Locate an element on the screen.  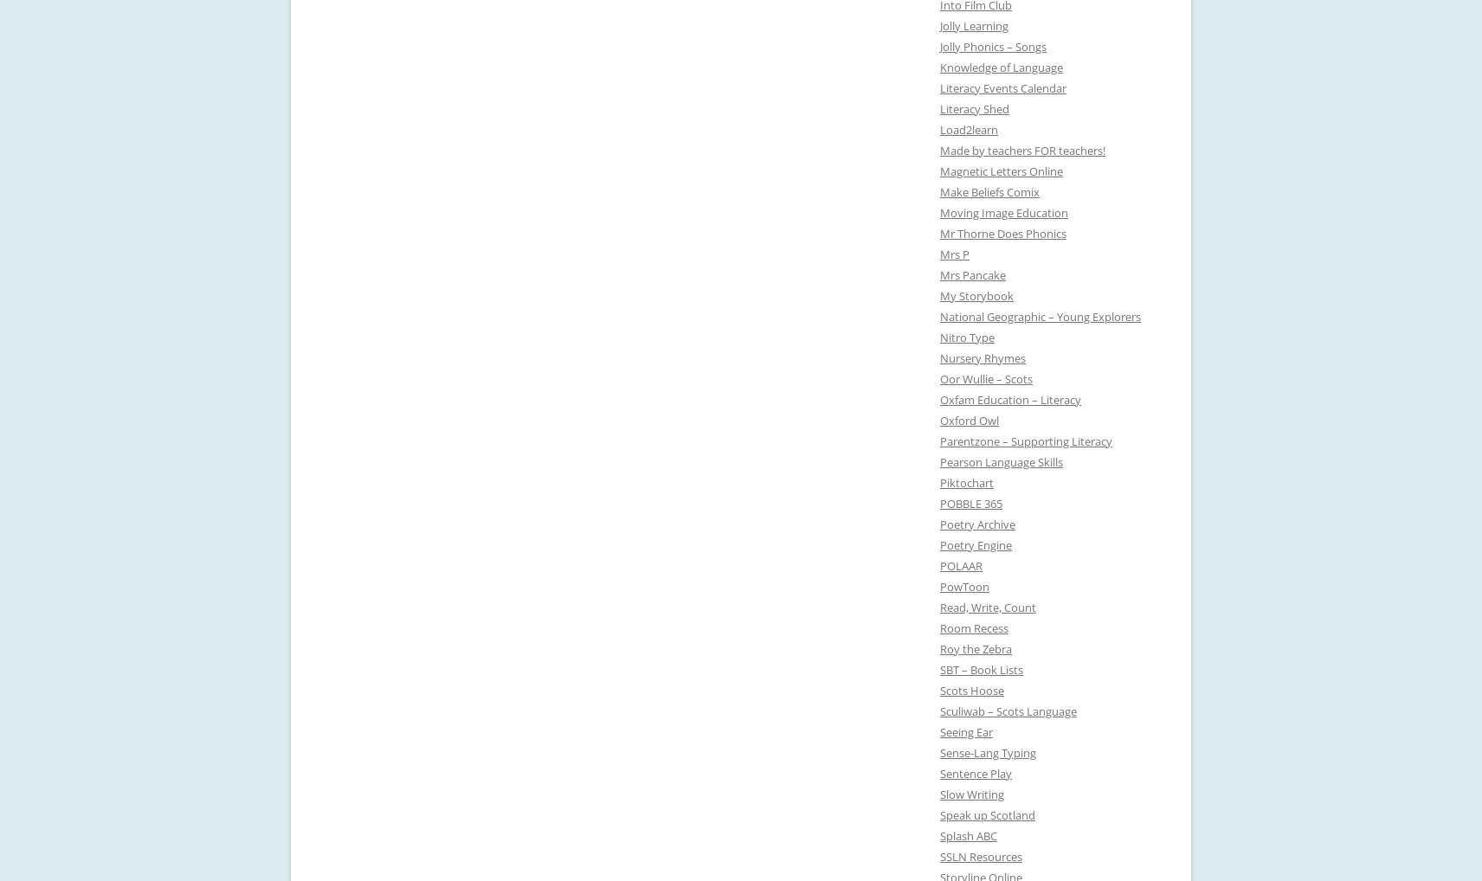
'Read, Write, Count' is located at coordinates (939, 608).